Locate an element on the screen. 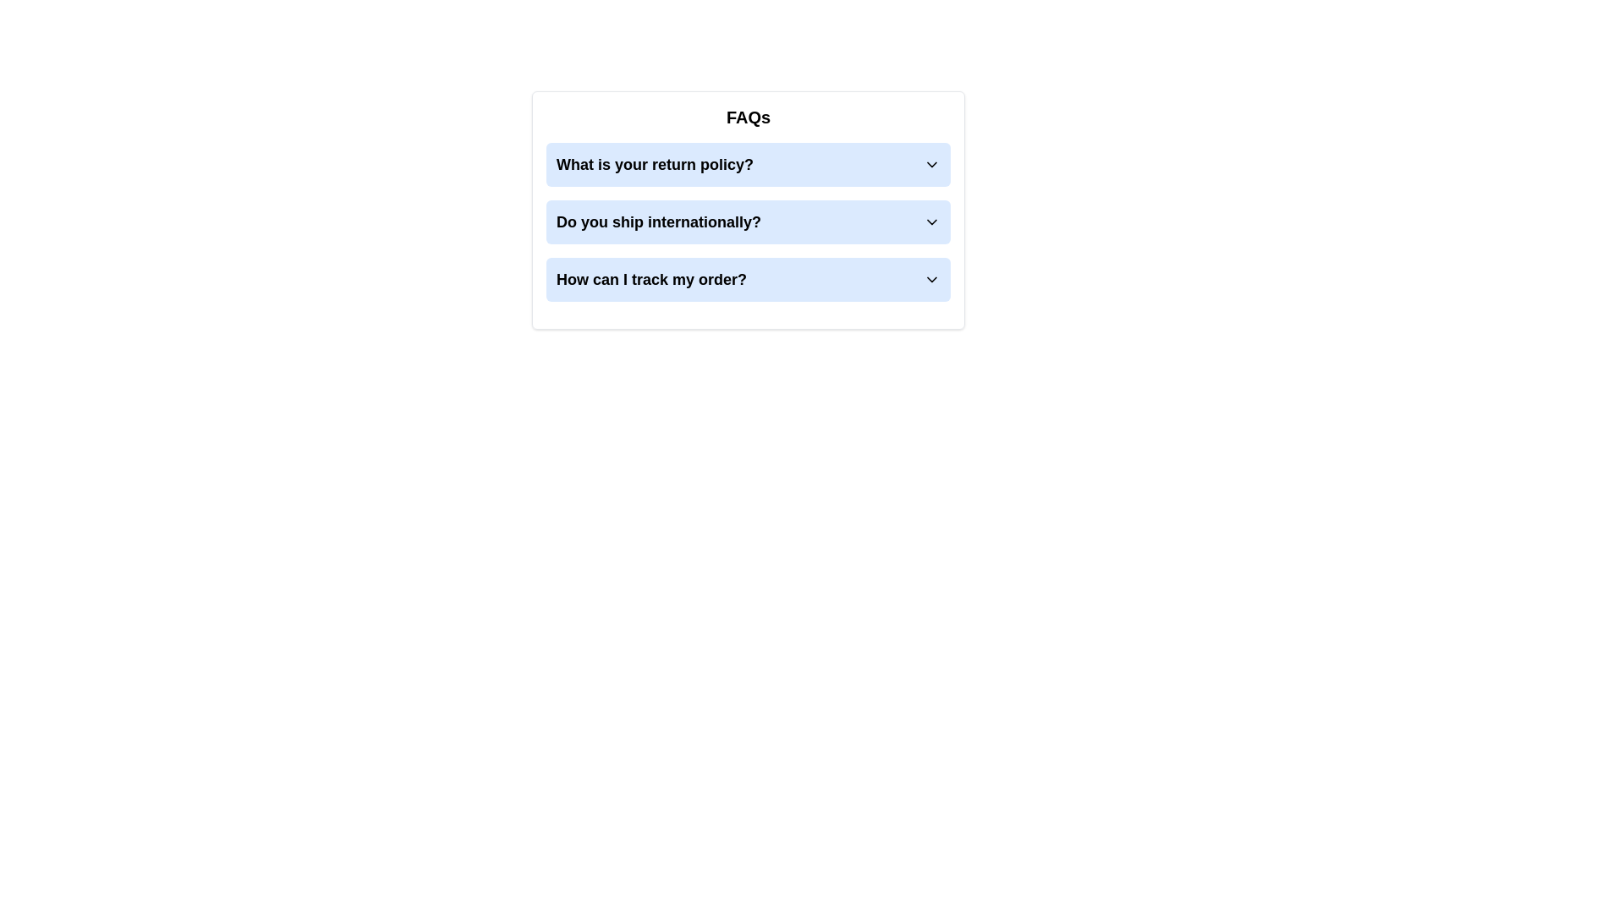 The image size is (1624, 913). the FAQ button that allows users to expand or collapse information about international shipping, located as the second item in the list of FAQ entries is located at coordinates (747, 221).